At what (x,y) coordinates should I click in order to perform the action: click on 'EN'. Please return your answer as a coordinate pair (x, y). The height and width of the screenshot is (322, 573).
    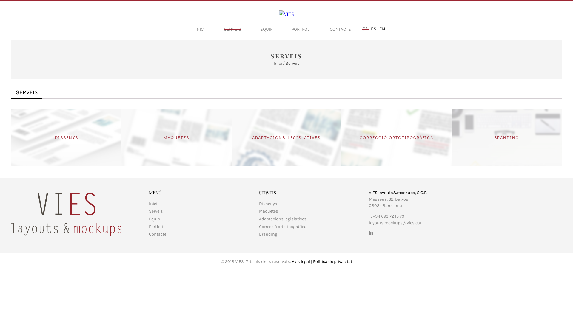
    Looking at the image, I should click on (382, 29).